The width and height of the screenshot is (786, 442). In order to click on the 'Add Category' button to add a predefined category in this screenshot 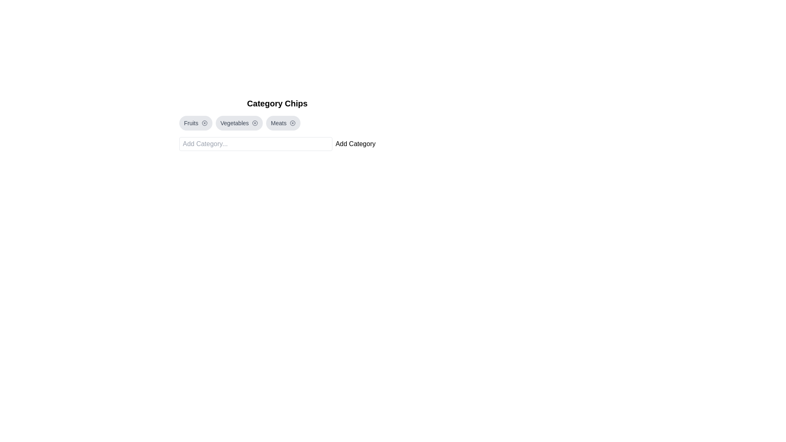, I will do `click(355, 143)`.